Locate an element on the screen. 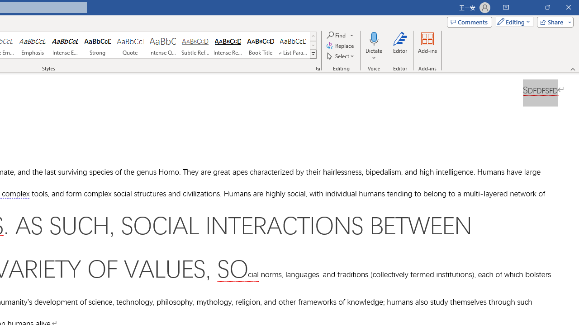  'Intense Quote' is located at coordinates (162, 45).